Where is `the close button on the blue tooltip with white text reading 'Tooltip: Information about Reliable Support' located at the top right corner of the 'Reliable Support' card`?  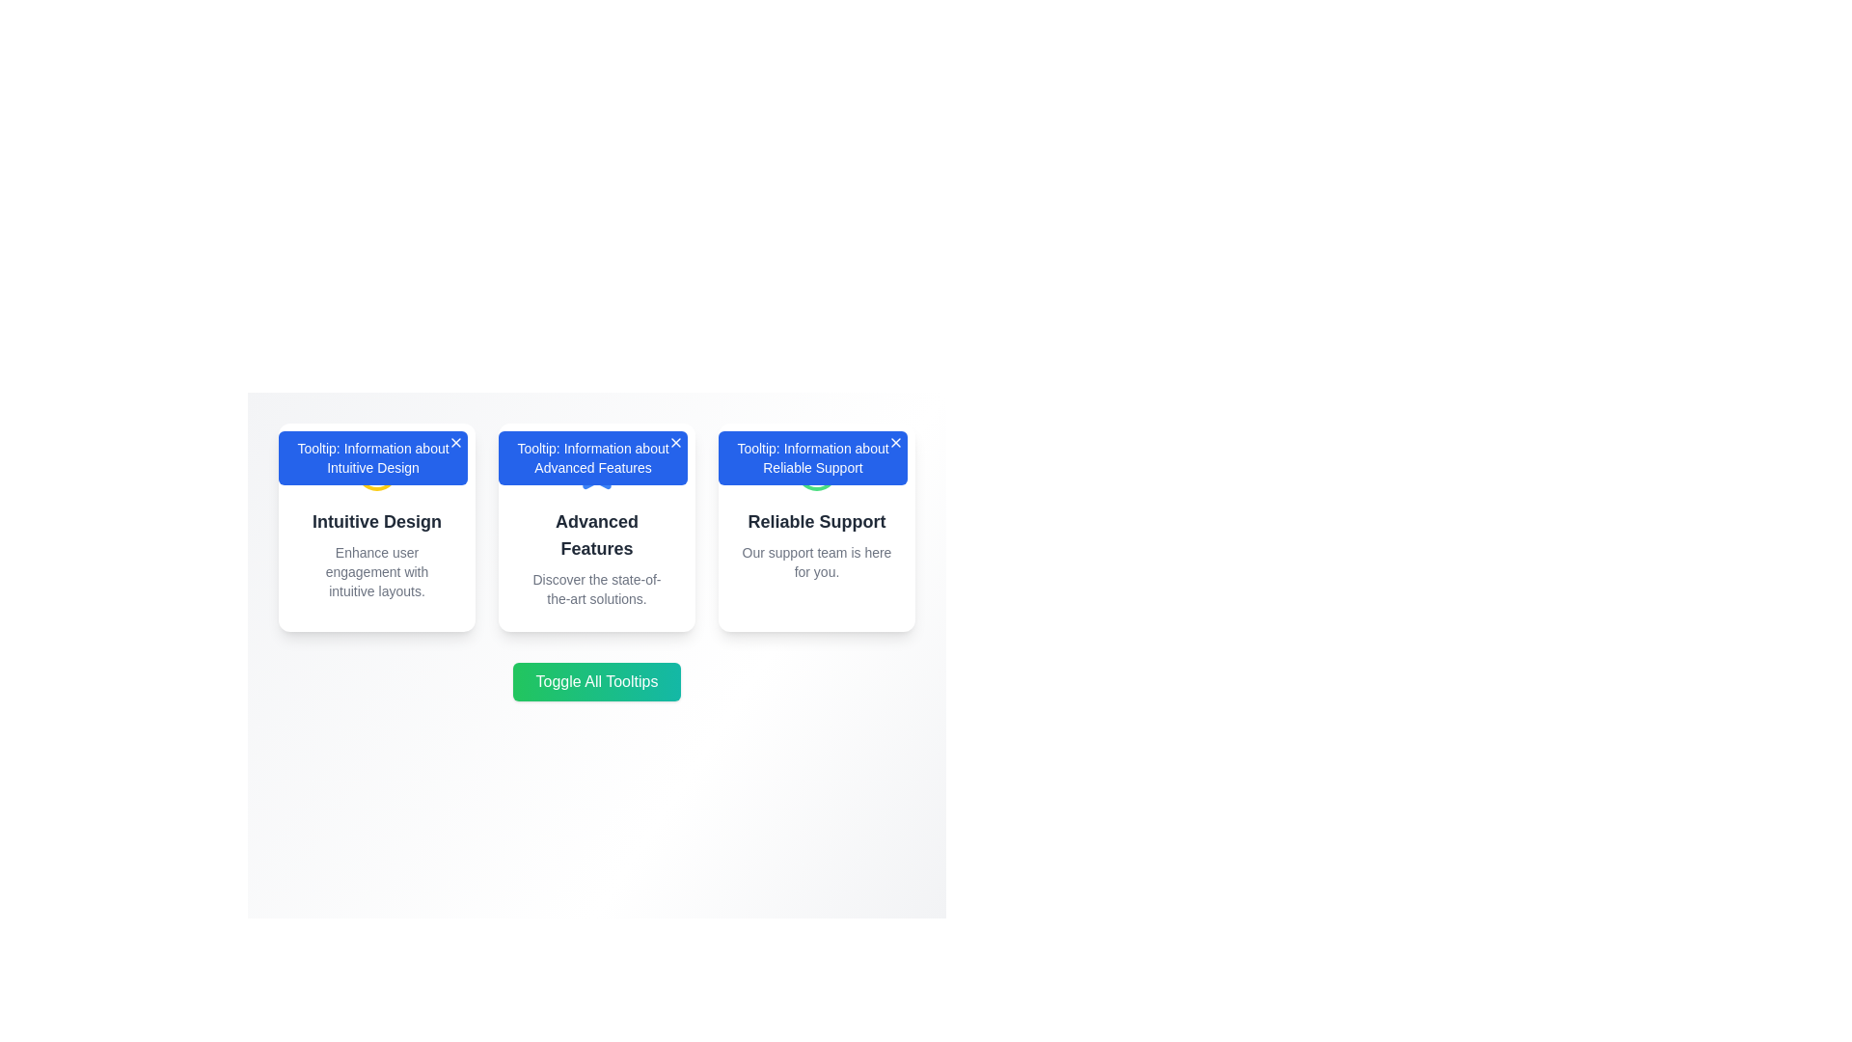 the close button on the blue tooltip with white text reading 'Tooltip: Information about Reliable Support' located at the top right corner of the 'Reliable Support' card is located at coordinates (813, 457).